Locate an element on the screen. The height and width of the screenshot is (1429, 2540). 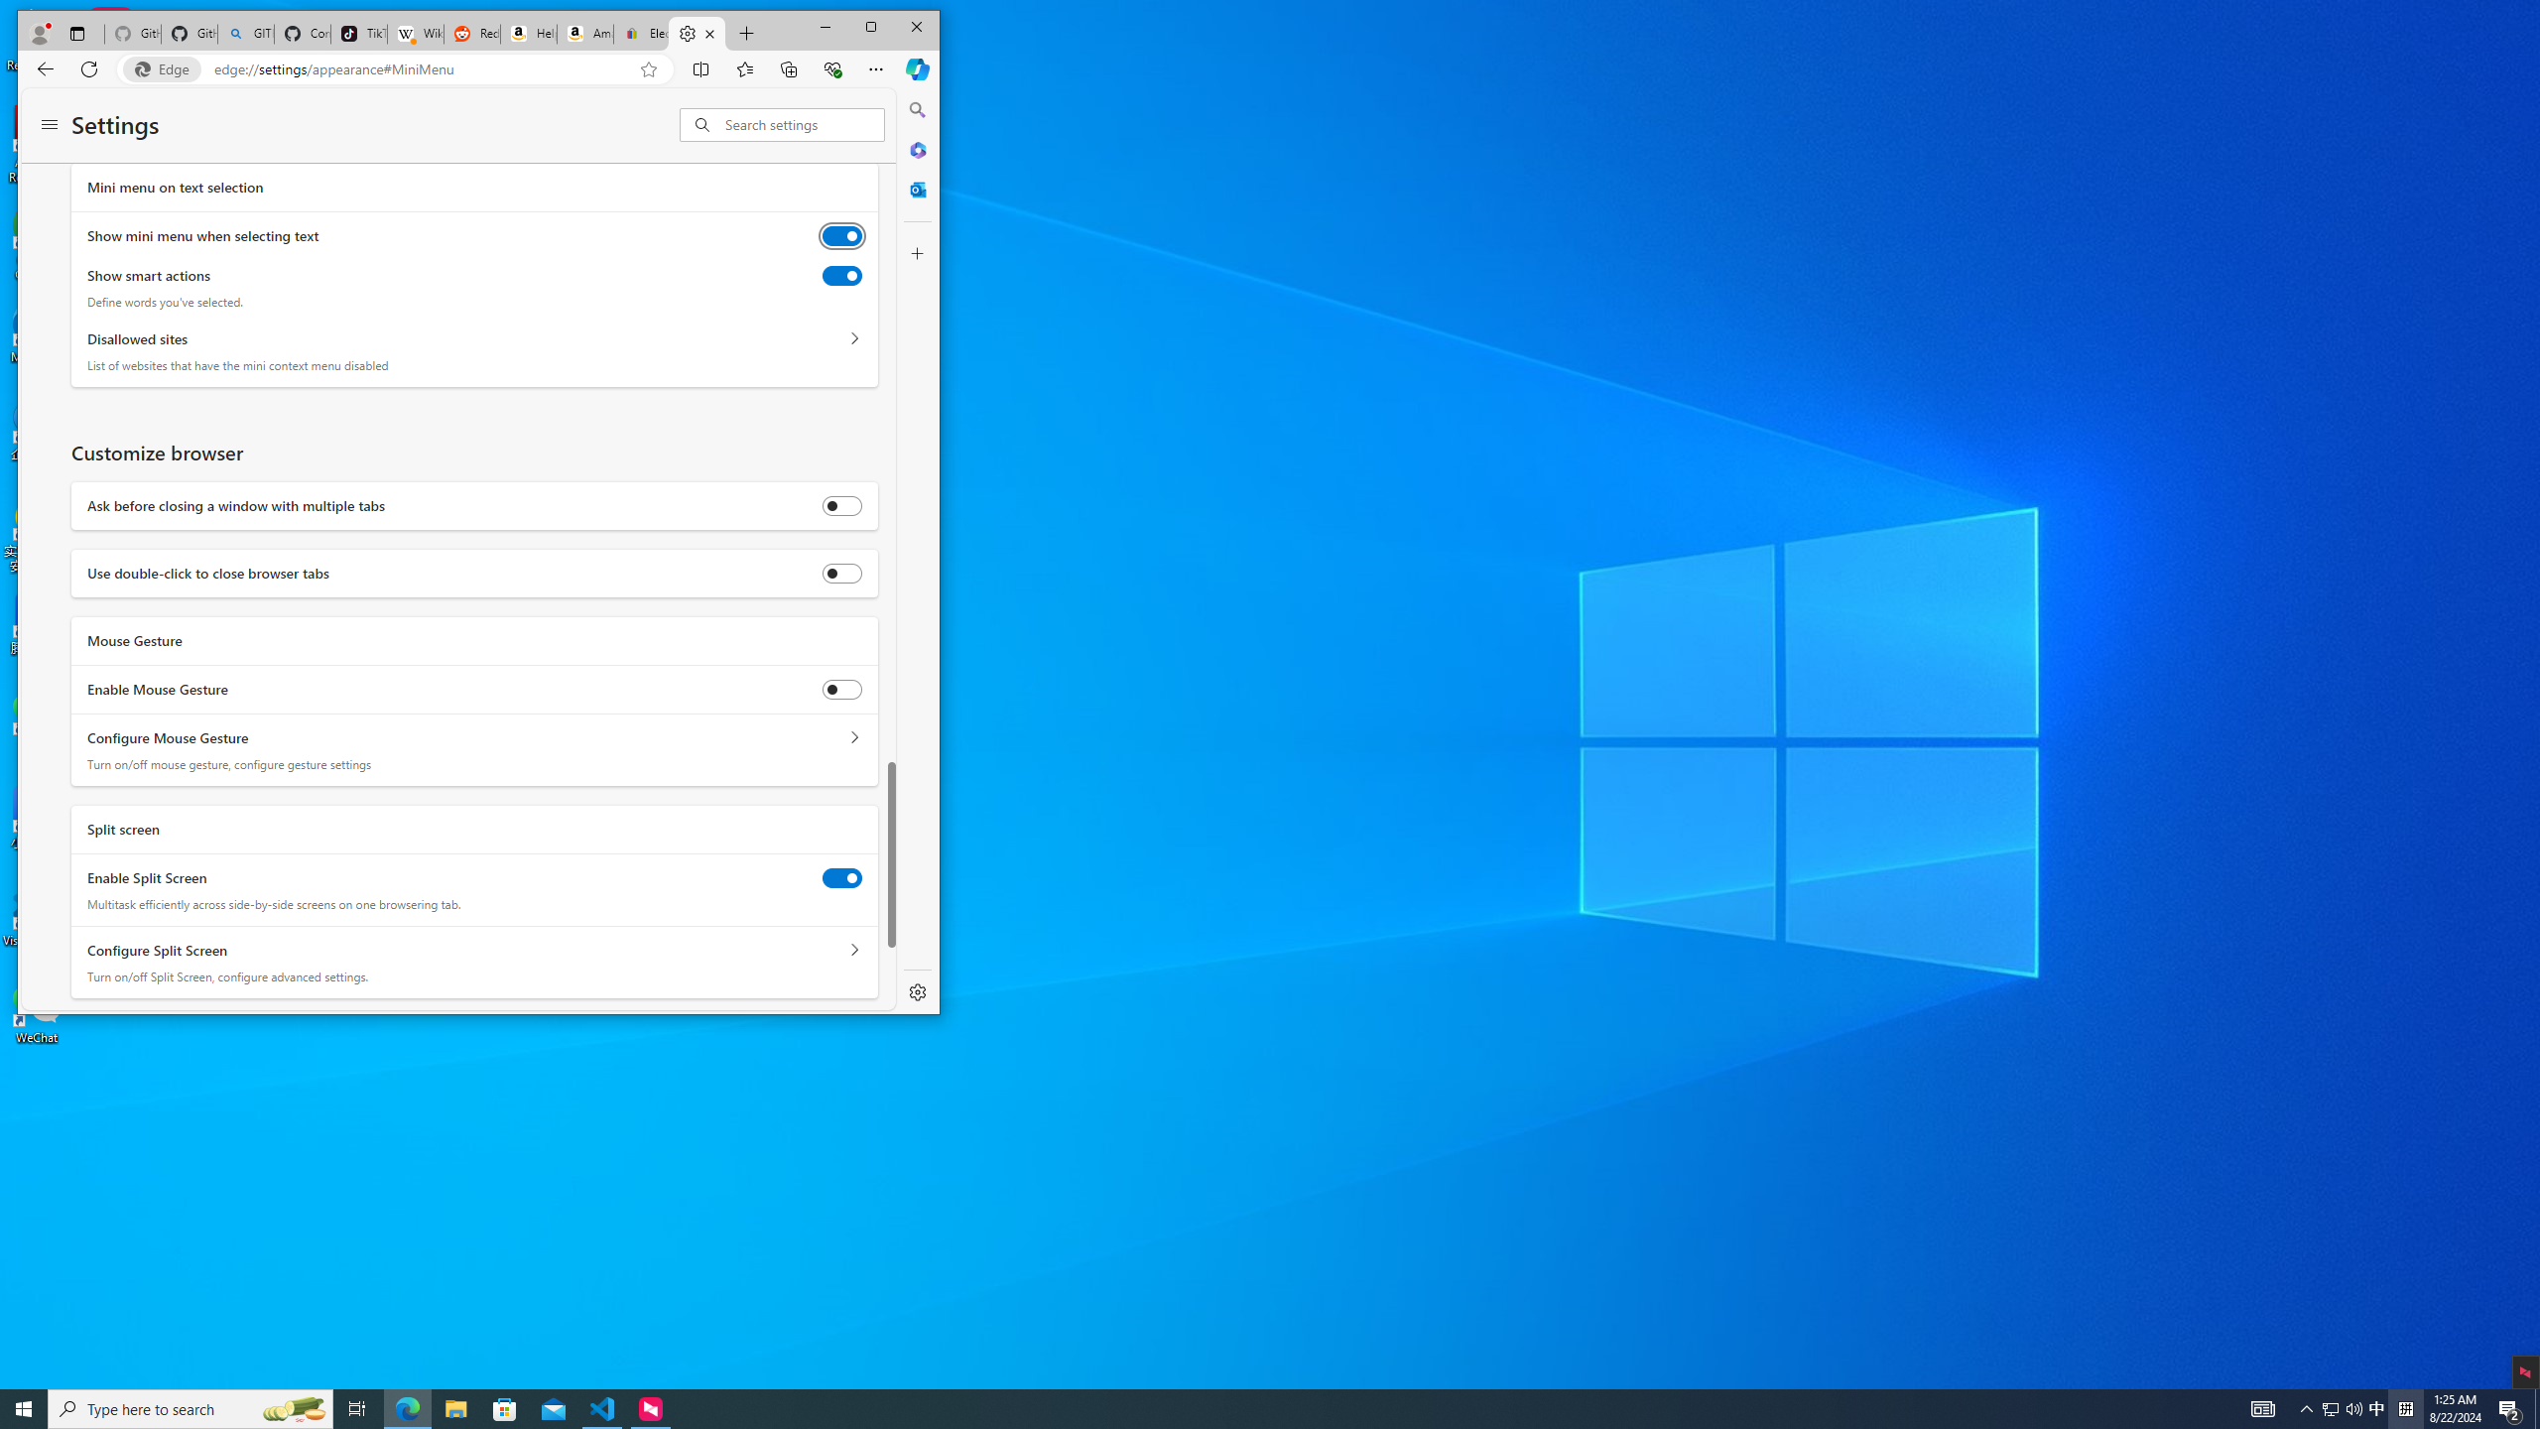
'Show smart actions' is located at coordinates (840, 274).